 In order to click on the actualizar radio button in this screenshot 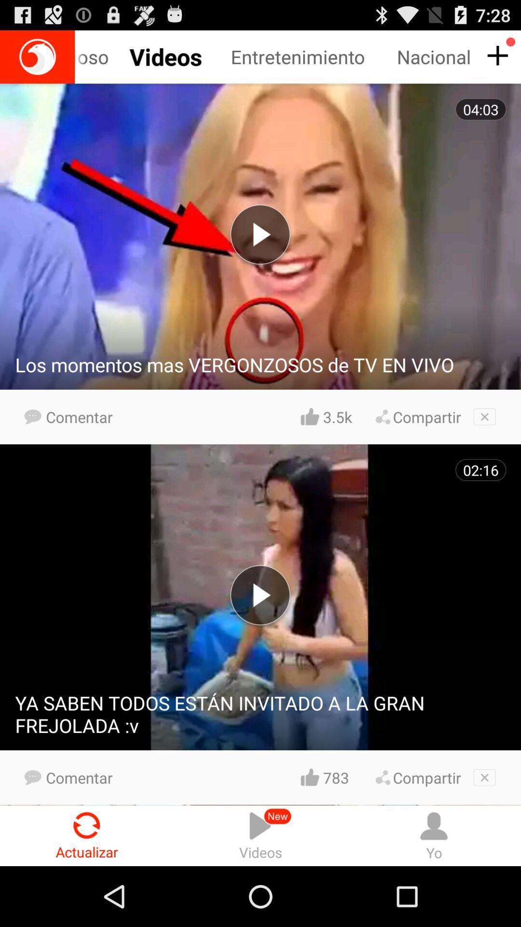, I will do `click(87, 835)`.